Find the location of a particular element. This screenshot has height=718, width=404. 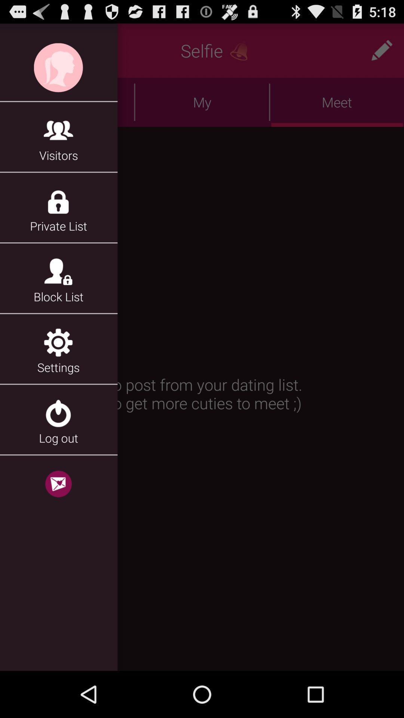

the notifications icon is located at coordinates (242, 53).